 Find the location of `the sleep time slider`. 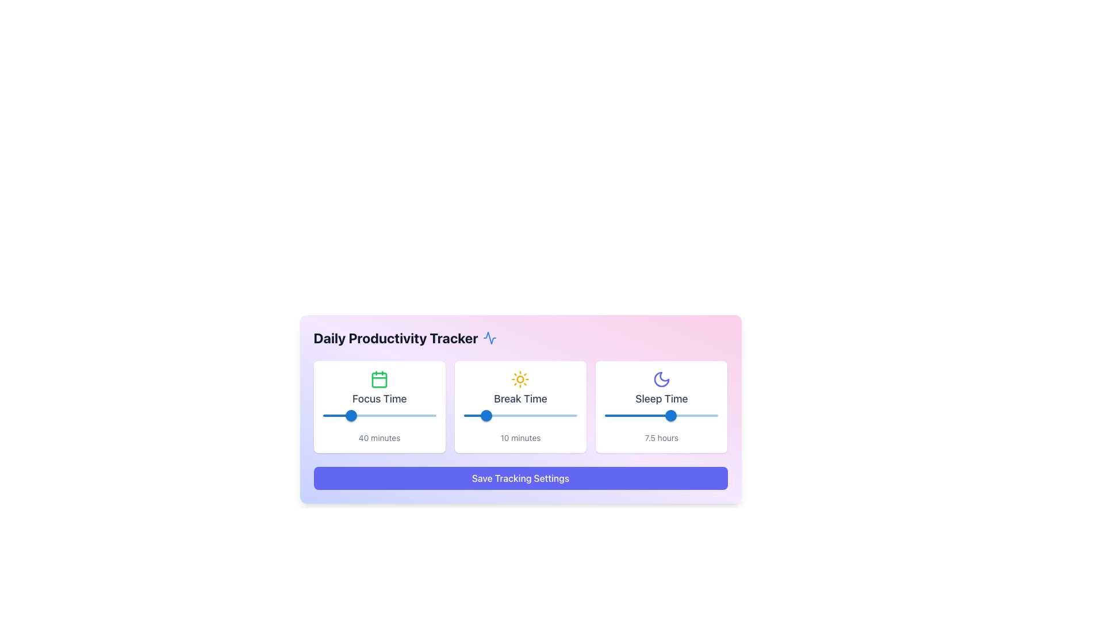

the sleep time slider is located at coordinates (652, 415).